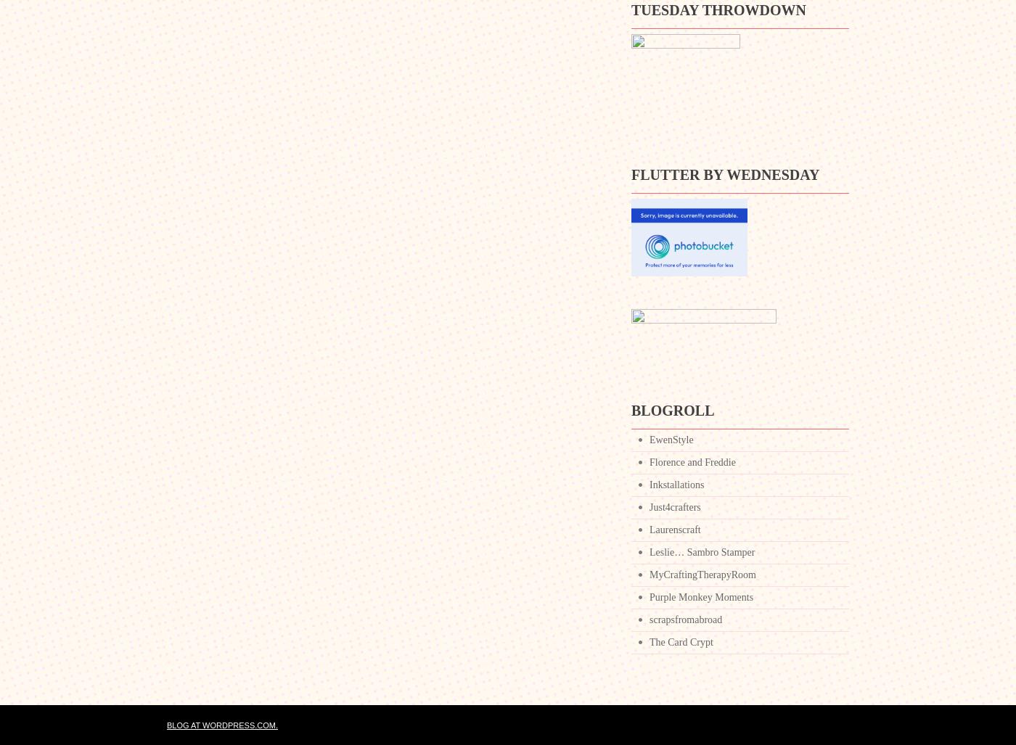 This screenshot has height=745, width=1016. Describe the element at coordinates (692, 461) in the screenshot. I see `'Florence and Freddie'` at that location.